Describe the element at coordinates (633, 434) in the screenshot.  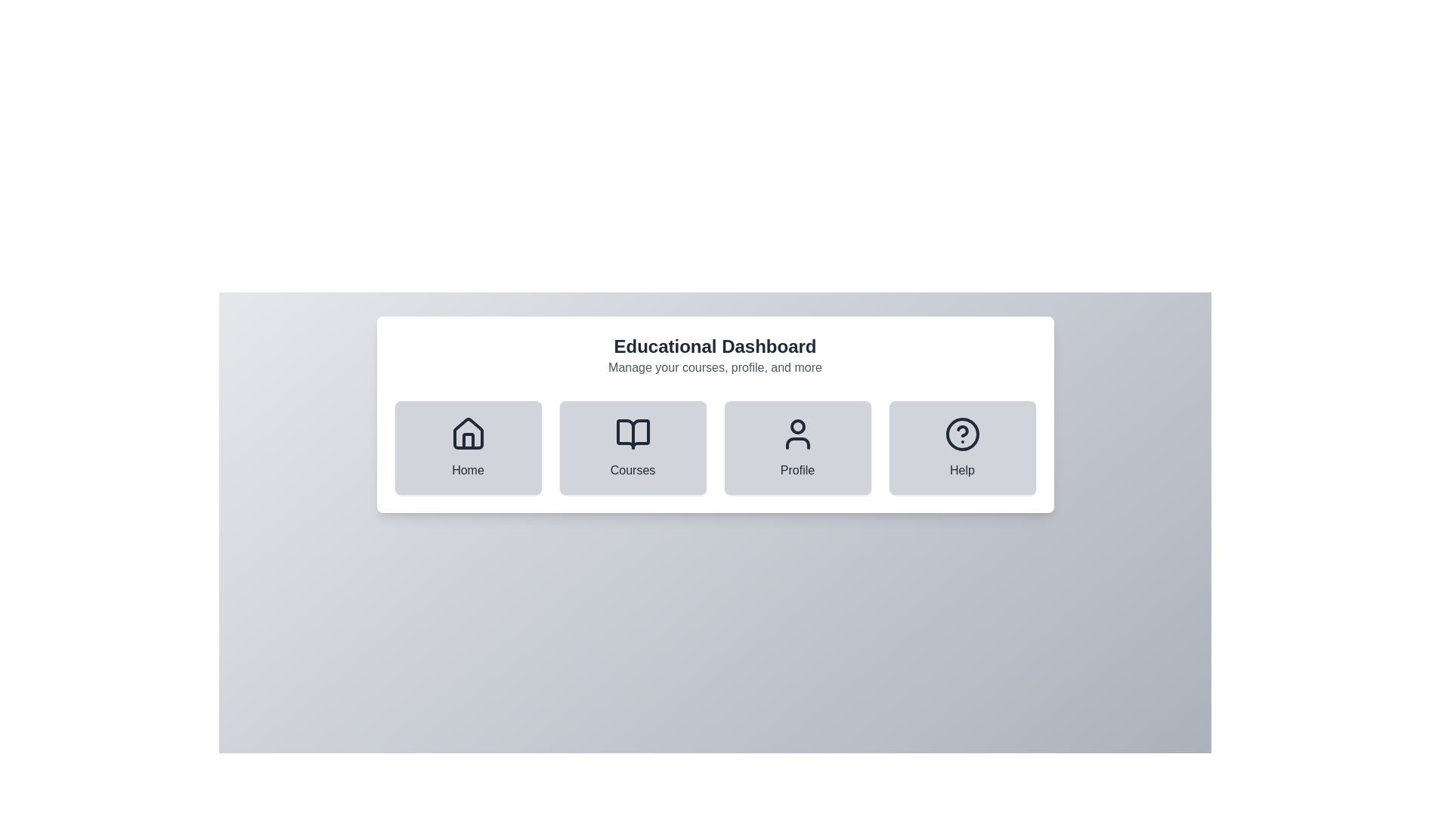
I see `the inner shapes of the open book icon, which are part of the 'Courses' icon in the menu bar` at that location.